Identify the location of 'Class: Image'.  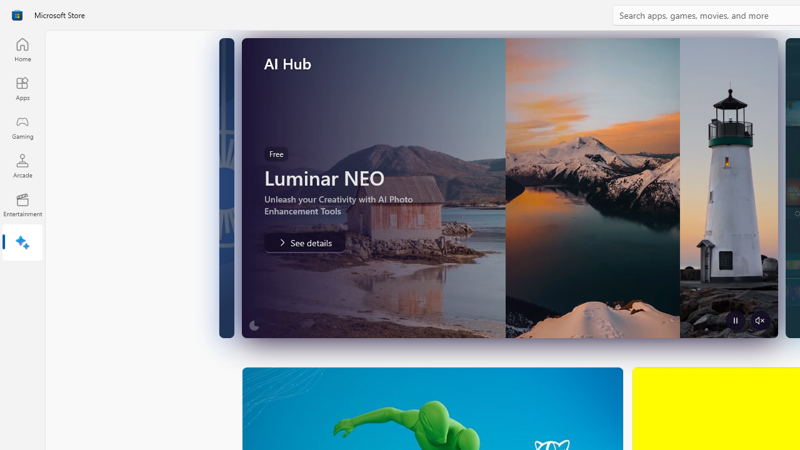
(17, 15).